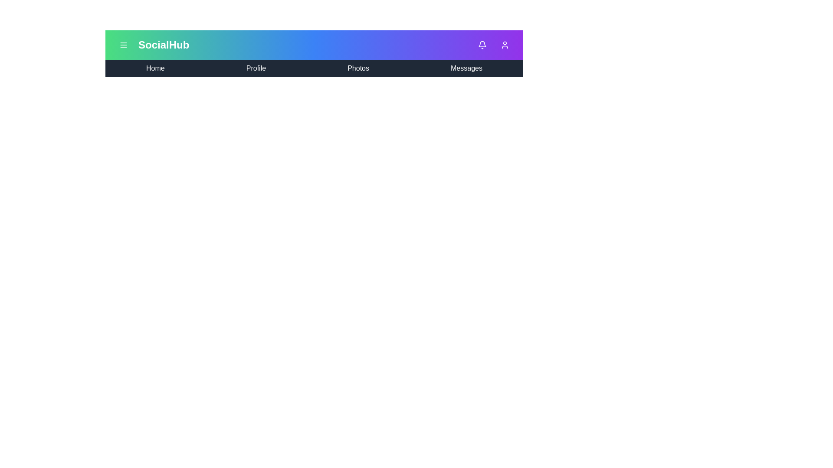 Image resolution: width=833 pixels, height=468 pixels. I want to click on the menu button to toggle the menu visibility, so click(123, 45).